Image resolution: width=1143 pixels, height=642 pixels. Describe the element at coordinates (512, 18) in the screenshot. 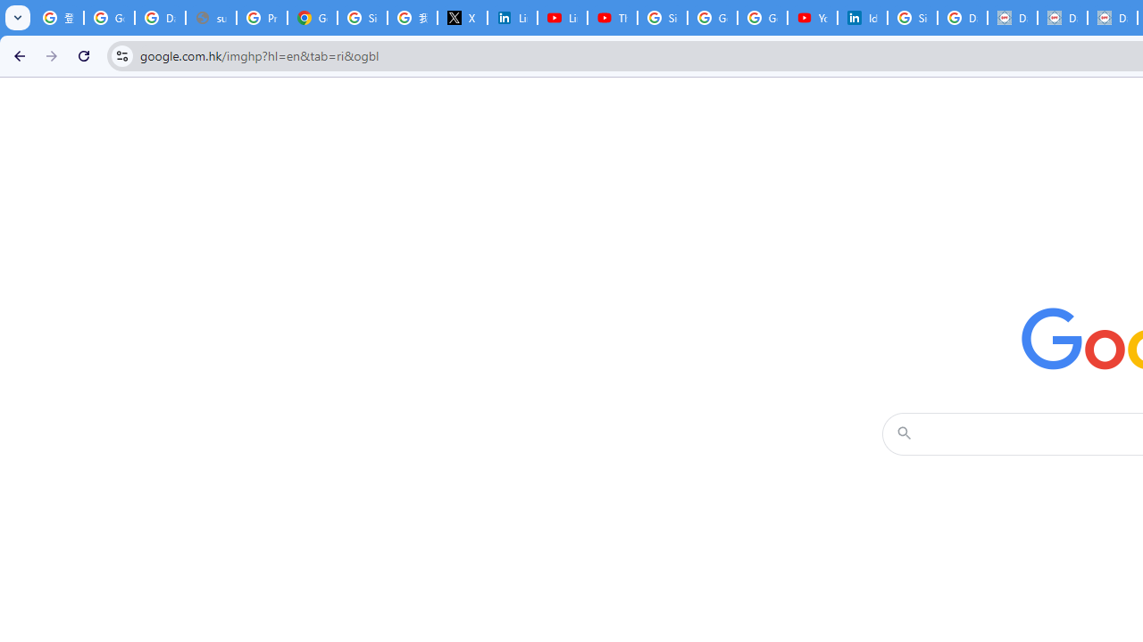

I see `'LinkedIn Privacy Policy'` at that location.